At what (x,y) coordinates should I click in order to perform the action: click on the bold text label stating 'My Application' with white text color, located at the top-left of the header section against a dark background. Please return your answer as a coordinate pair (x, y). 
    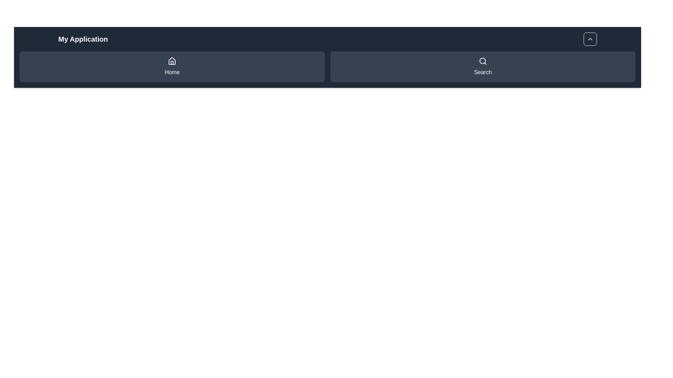
    Looking at the image, I should click on (83, 39).